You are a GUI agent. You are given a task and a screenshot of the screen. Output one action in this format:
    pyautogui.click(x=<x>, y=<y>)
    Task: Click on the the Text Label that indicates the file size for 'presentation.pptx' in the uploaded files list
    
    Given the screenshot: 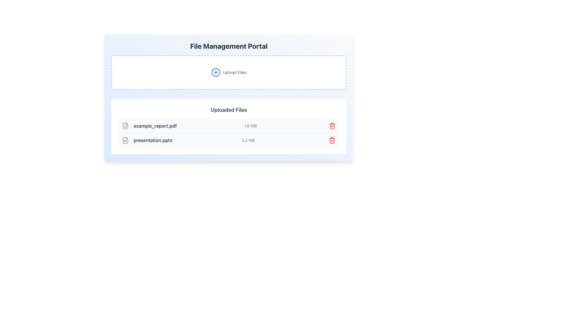 What is the action you would take?
    pyautogui.click(x=248, y=140)
    